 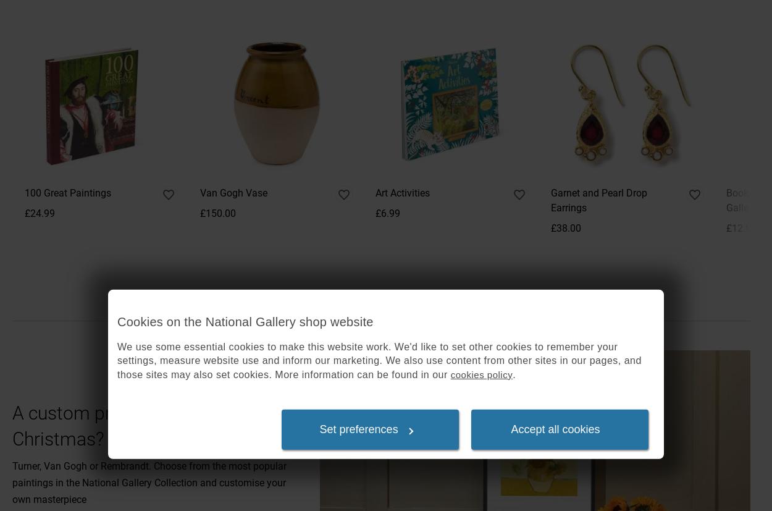 What do you see at coordinates (629, 11) in the screenshot?
I see `'Sign up'` at bounding box center [629, 11].